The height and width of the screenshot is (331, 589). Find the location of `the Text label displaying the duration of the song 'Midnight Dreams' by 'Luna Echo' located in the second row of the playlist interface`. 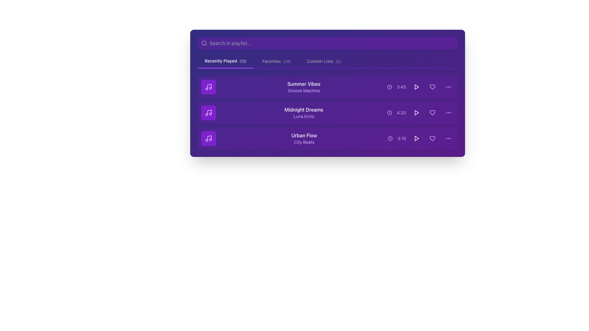

the Text label displaying the duration of the song 'Midnight Dreams' by 'Luna Echo' located in the second row of the playlist interface is located at coordinates (401, 112).